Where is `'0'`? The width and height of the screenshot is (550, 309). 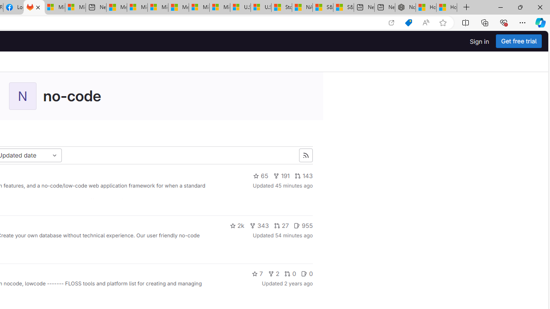
'0' is located at coordinates (307, 273).